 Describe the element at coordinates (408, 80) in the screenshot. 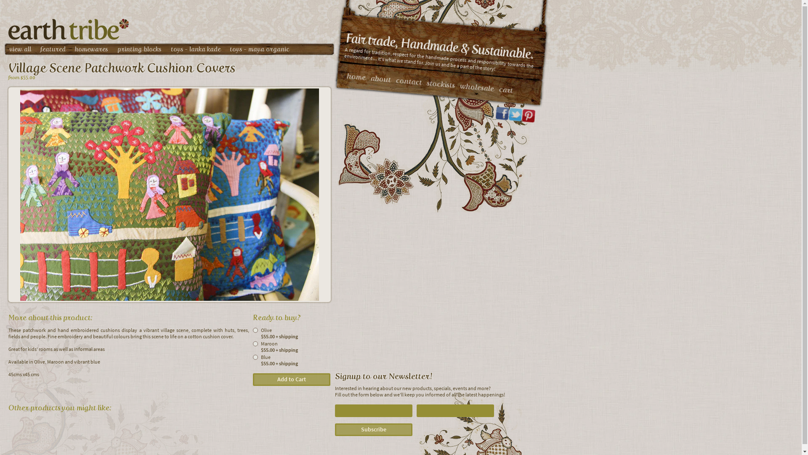

I see `'contact'` at that location.